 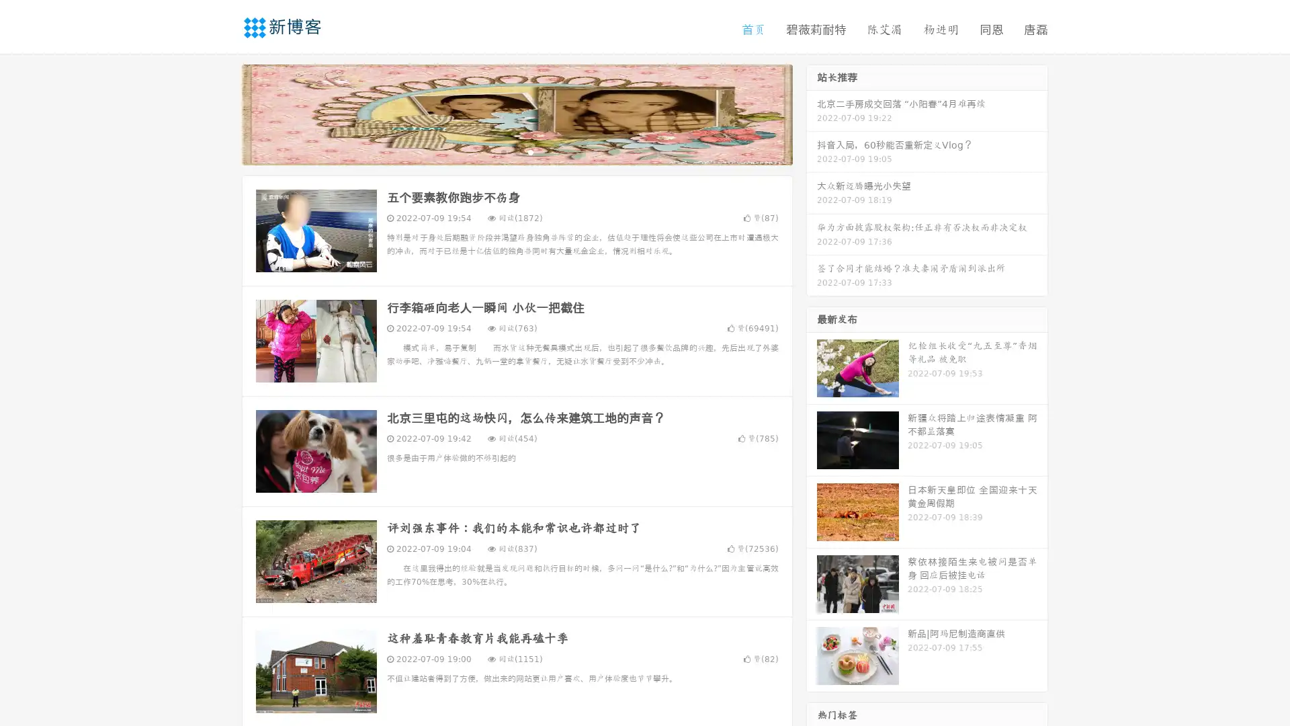 I want to click on Go to slide 3, so click(x=530, y=151).